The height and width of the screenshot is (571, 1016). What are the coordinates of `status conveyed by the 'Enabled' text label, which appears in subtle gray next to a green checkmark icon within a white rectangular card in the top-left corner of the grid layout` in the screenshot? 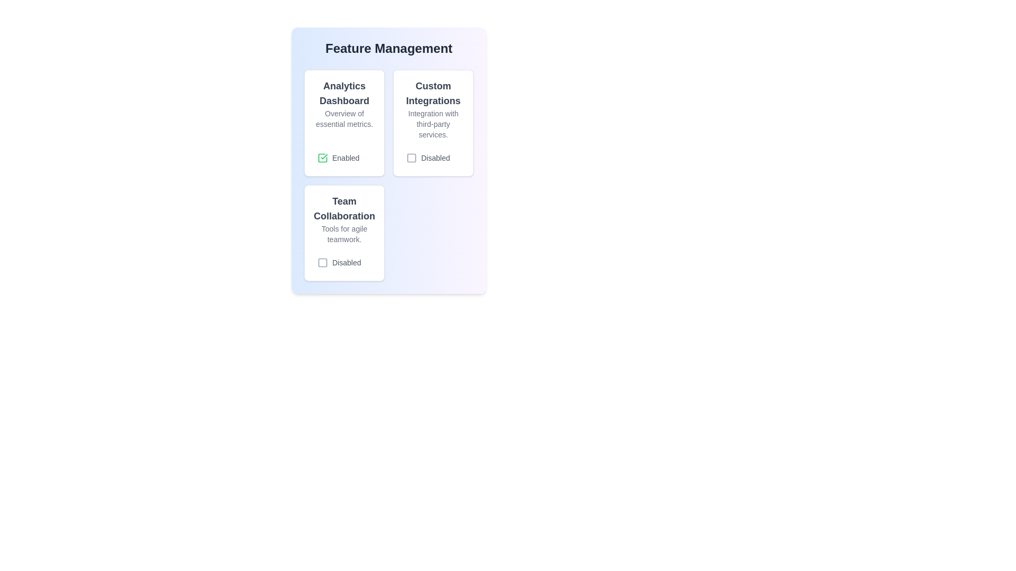 It's located at (346, 158).